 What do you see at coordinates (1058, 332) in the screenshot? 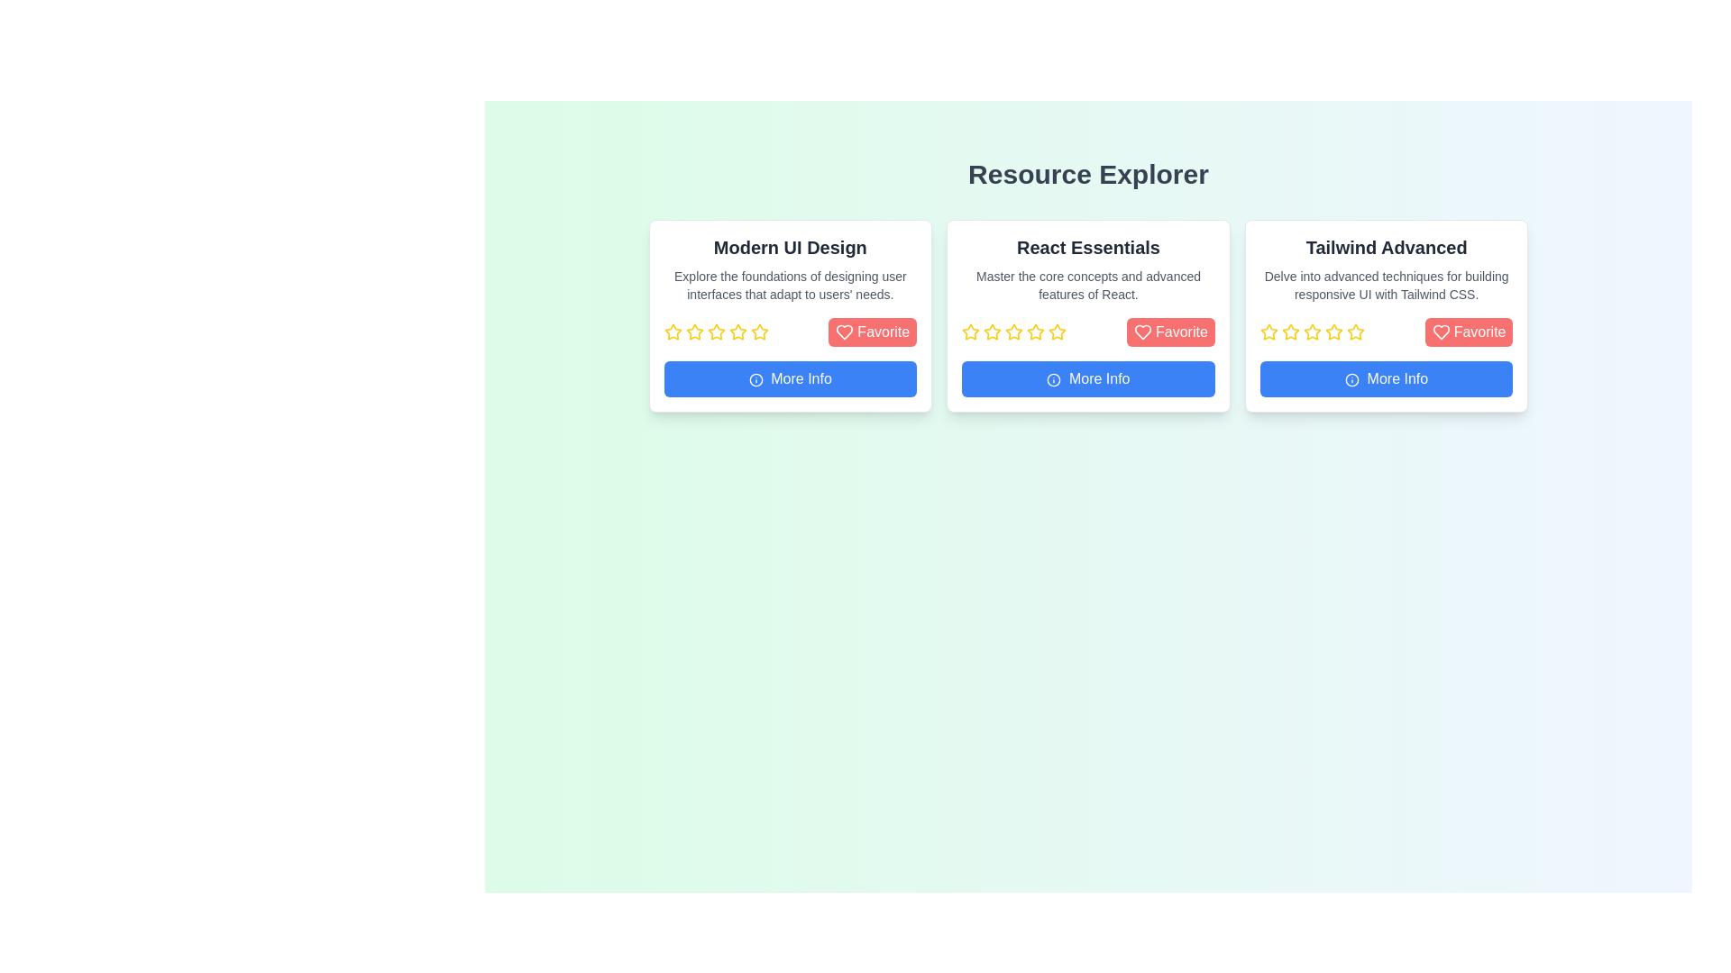
I see `the fourth star icon in the rating system on the 'React Essentials' card to rate it` at bounding box center [1058, 332].